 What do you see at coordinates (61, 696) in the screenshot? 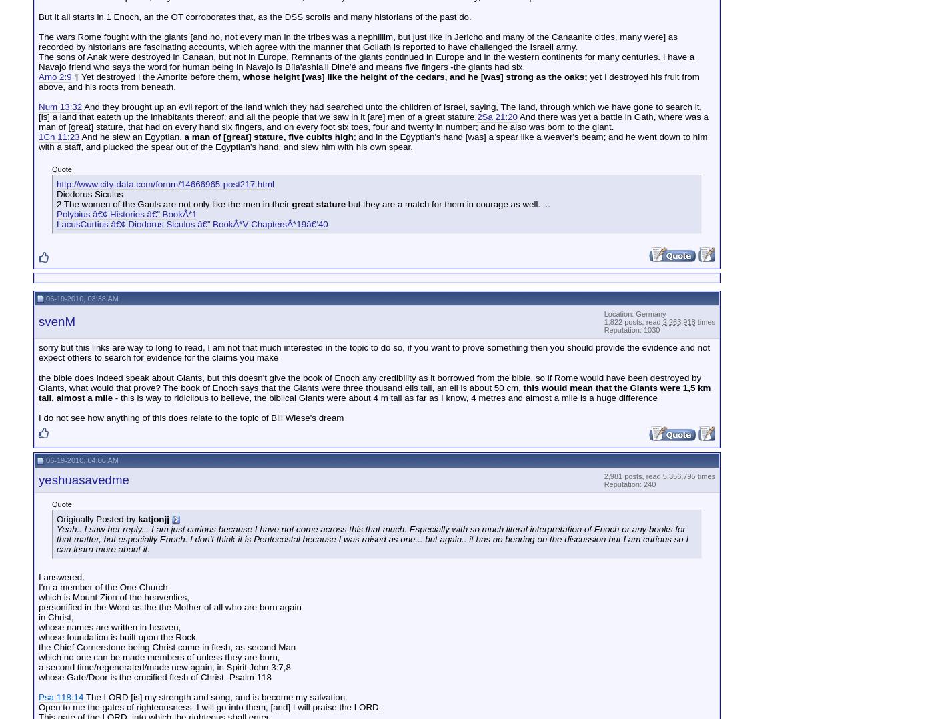
I see `'Psa 118:14'` at bounding box center [61, 696].